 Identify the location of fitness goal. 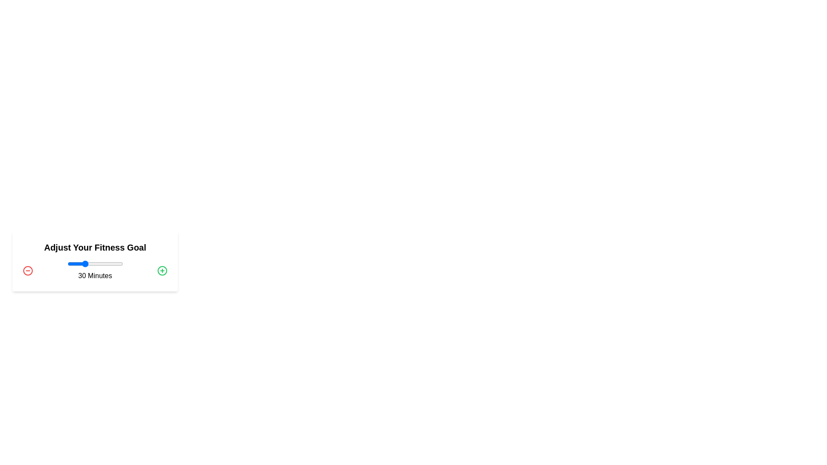
(100, 263).